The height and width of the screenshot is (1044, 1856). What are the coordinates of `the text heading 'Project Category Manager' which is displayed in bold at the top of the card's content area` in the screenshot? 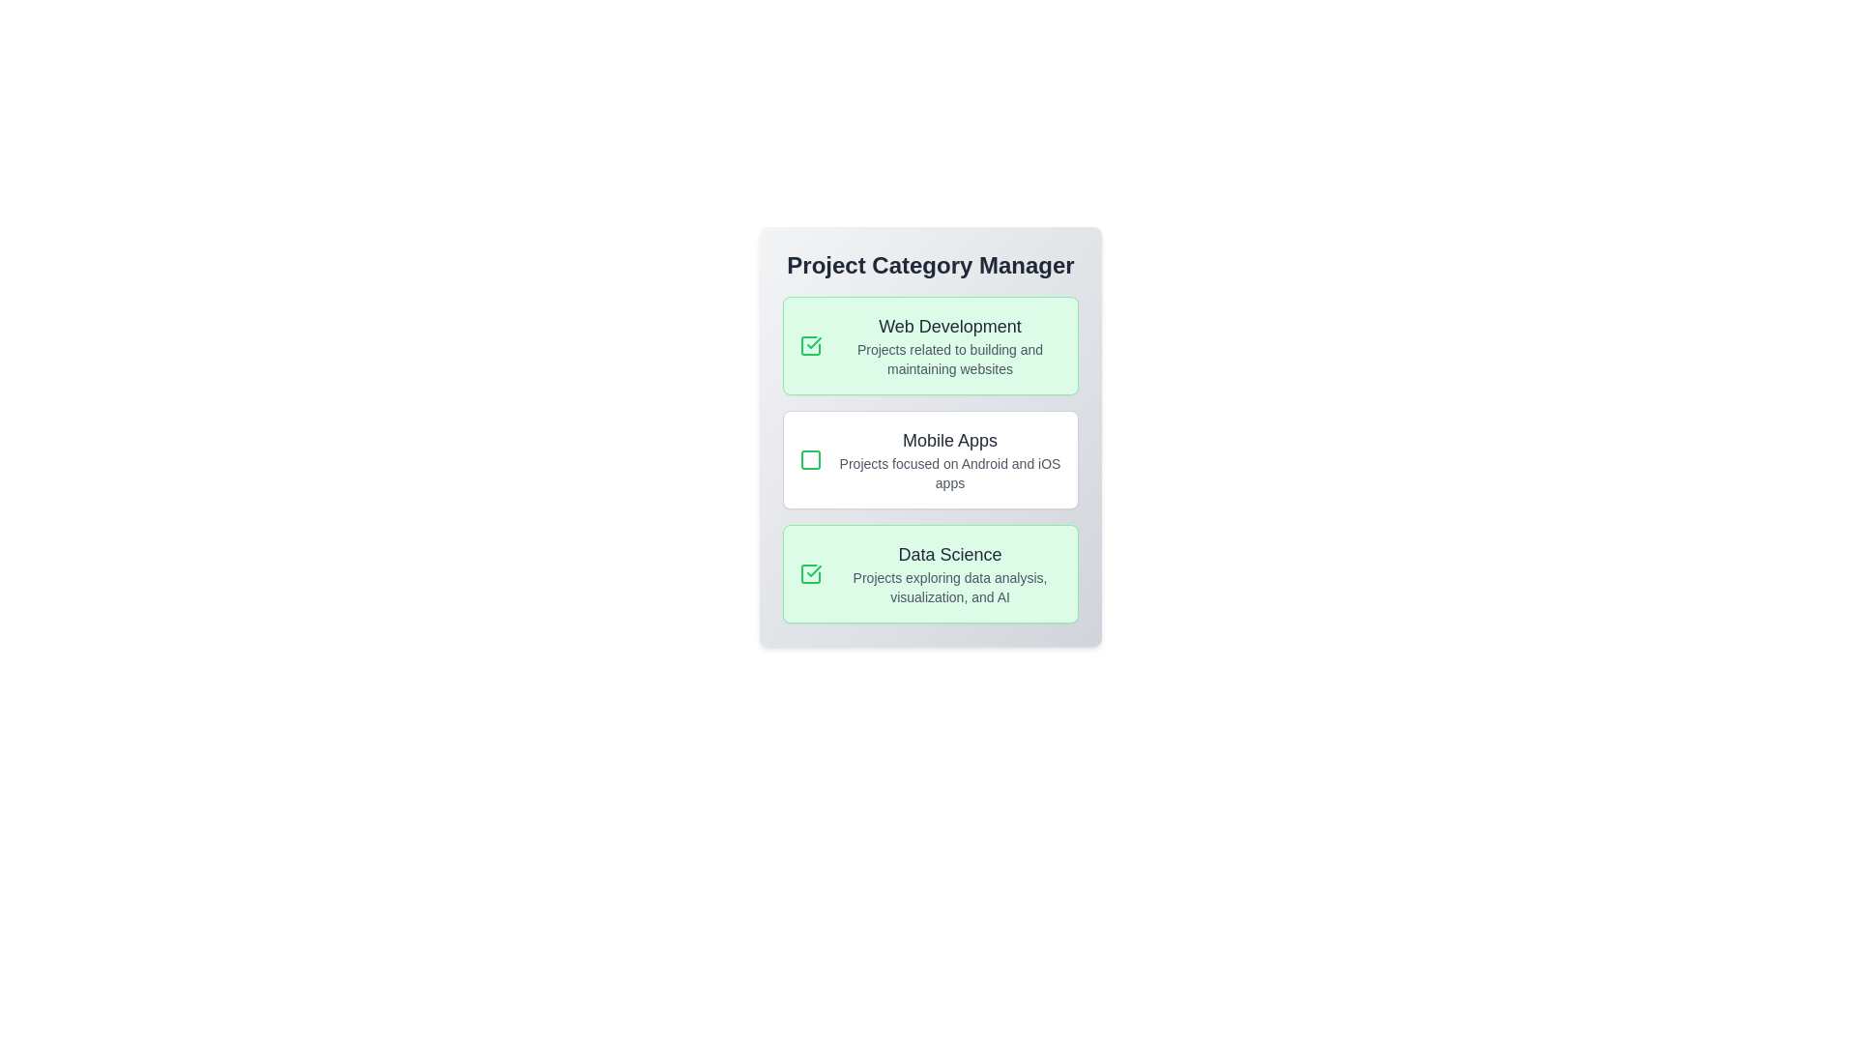 It's located at (931, 265).